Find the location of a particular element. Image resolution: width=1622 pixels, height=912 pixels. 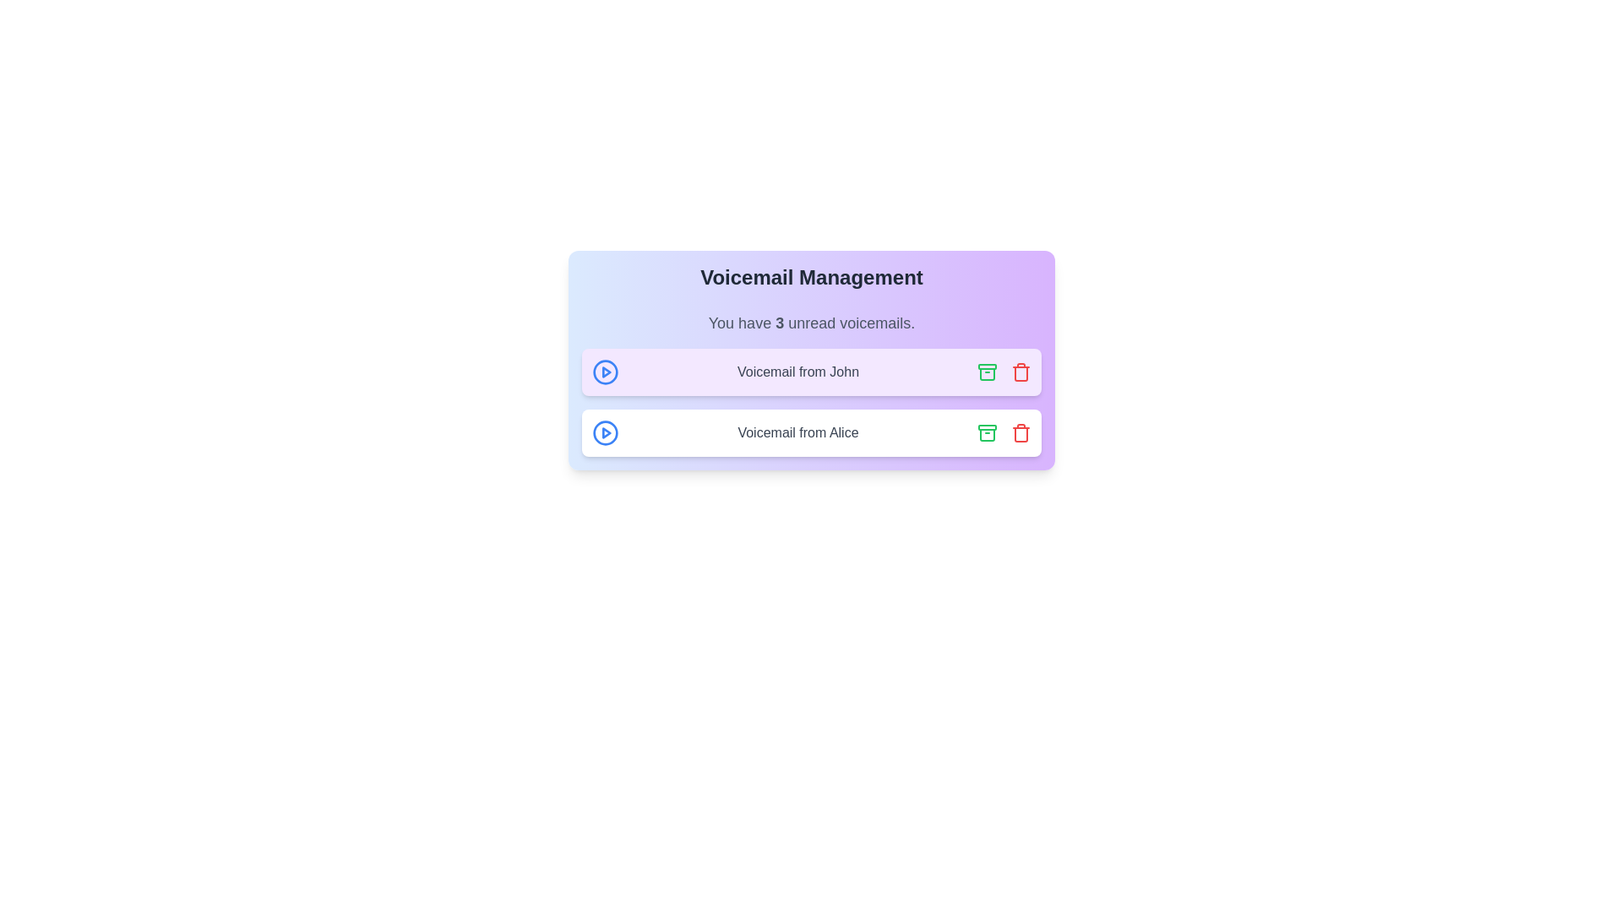

the play button located at the leftmost part of the row labeled 'Voicemail from John' to play the voicemail is located at coordinates (605, 371).